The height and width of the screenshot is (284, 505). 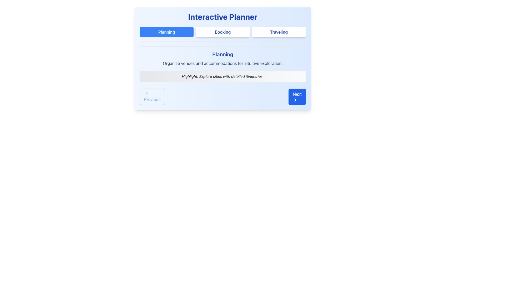 I want to click on bold, large text label 'Interactive Planner' at the top-center of the light blue card interface, so click(x=223, y=17).